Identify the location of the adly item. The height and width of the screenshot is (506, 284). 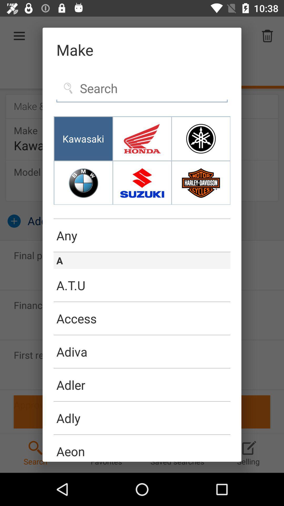
(142, 418).